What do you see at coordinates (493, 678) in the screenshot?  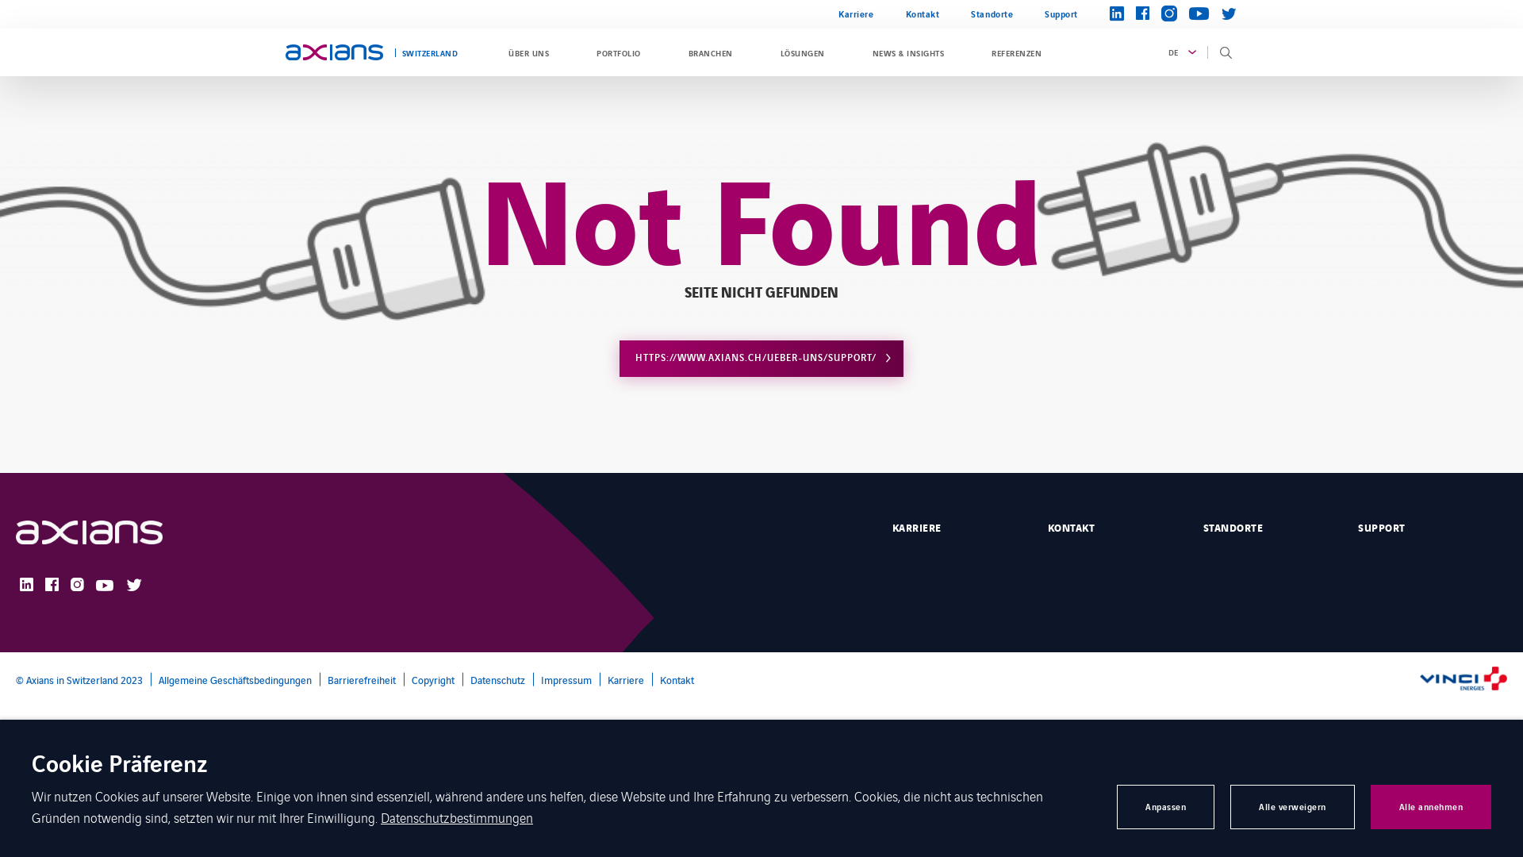 I see `'Datenschutz'` at bounding box center [493, 678].